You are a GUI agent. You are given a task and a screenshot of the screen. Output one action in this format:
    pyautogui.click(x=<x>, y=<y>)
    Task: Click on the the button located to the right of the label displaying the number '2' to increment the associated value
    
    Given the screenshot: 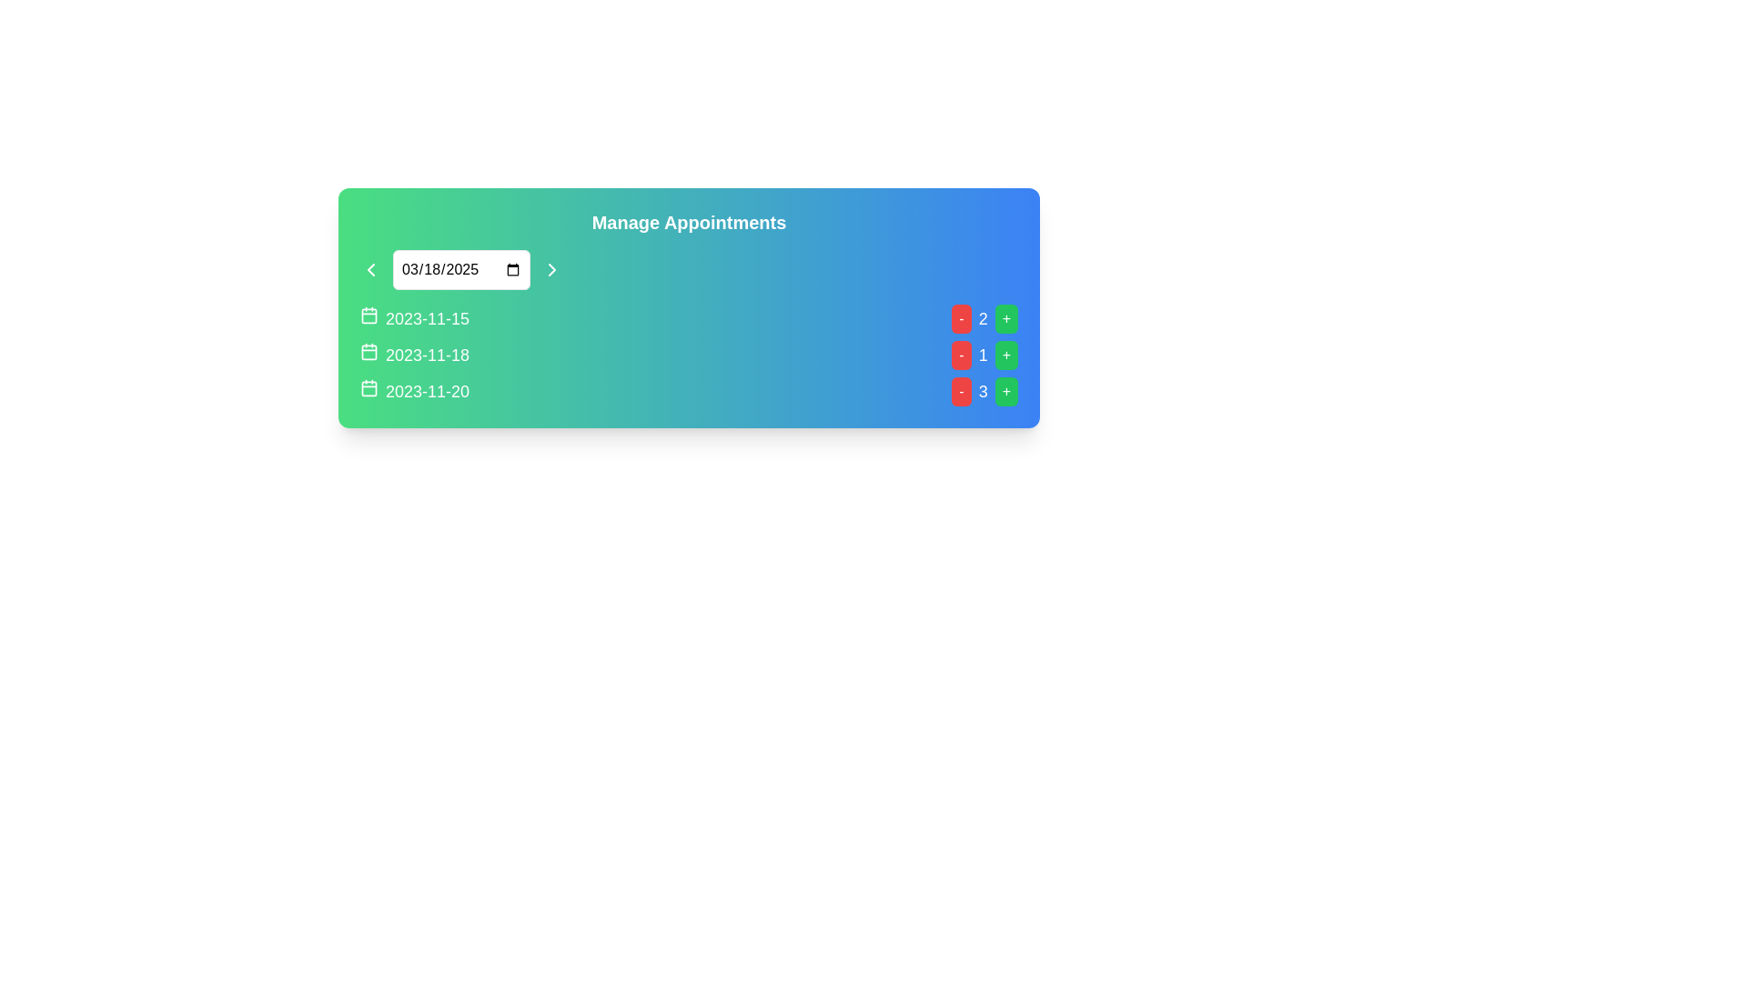 What is the action you would take?
    pyautogui.click(x=1005, y=318)
    